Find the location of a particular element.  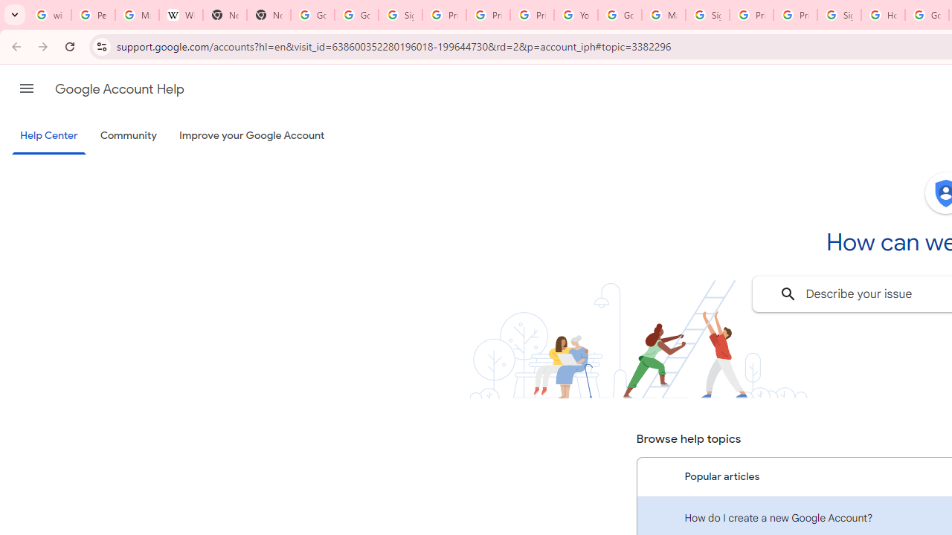

'YouTube' is located at coordinates (575, 15).